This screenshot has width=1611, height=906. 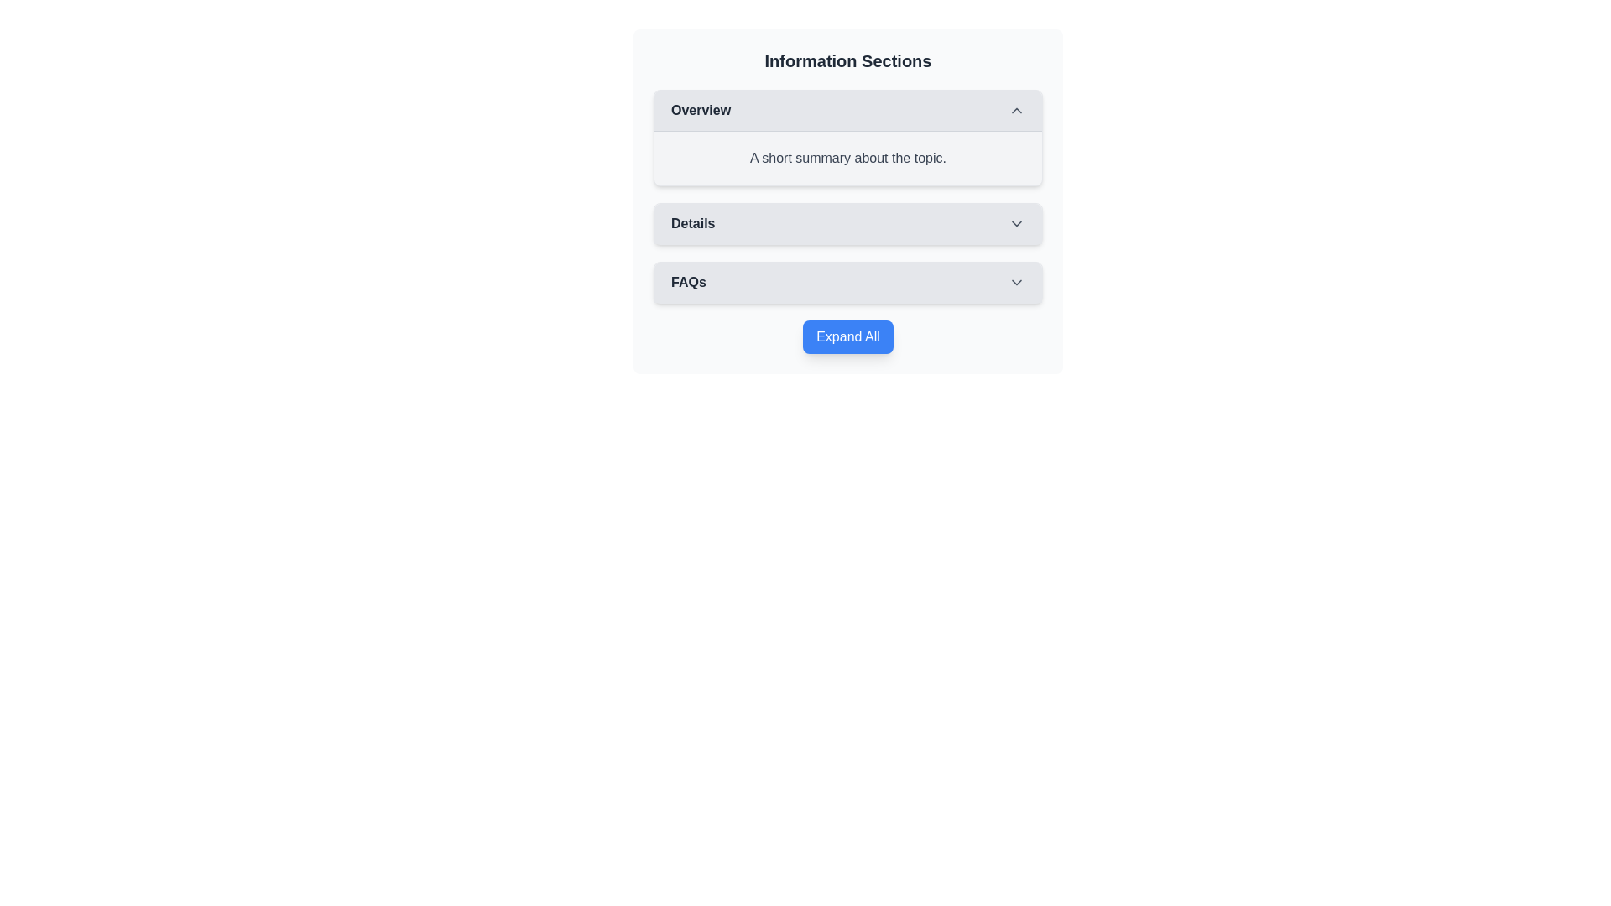 What do you see at coordinates (1015, 281) in the screenshot?
I see `the downward-pointing chevron icon in light gray color next to the 'FAQs' label` at bounding box center [1015, 281].